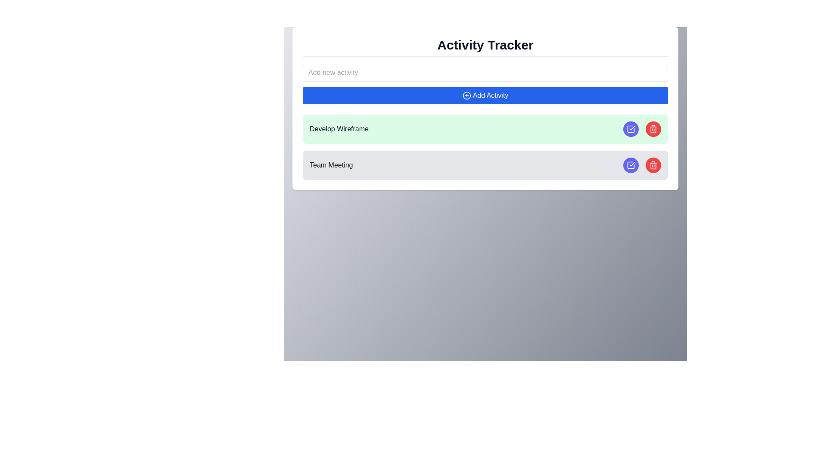 This screenshot has width=827, height=465. I want to click on the delete icon button located at the rightmost position of the action buttons beside the 'Develop Wireframe' activity entry, so click(653, 129).